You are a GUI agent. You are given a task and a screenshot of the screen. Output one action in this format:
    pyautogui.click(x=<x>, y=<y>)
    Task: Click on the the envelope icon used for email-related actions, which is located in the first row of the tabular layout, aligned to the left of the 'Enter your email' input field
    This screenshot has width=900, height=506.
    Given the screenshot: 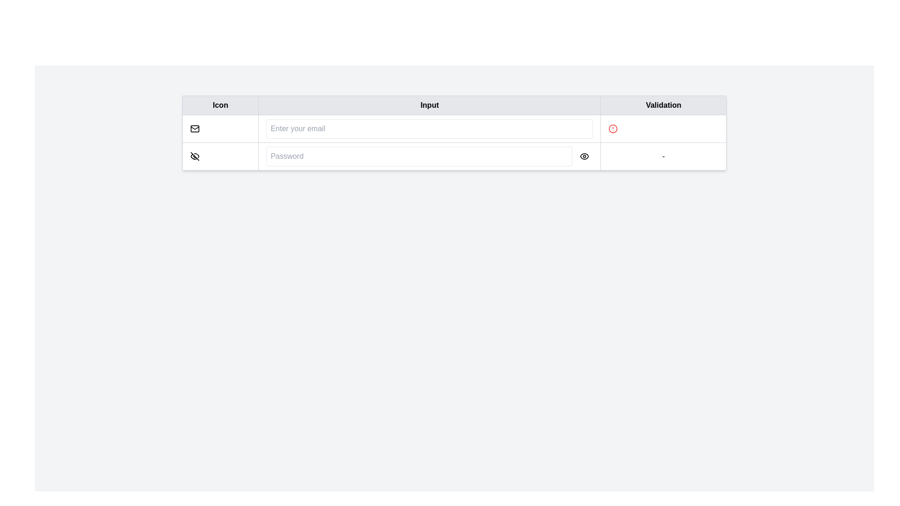 What is the action you would take?
    pyautogui.click(x=194, y=128)
    